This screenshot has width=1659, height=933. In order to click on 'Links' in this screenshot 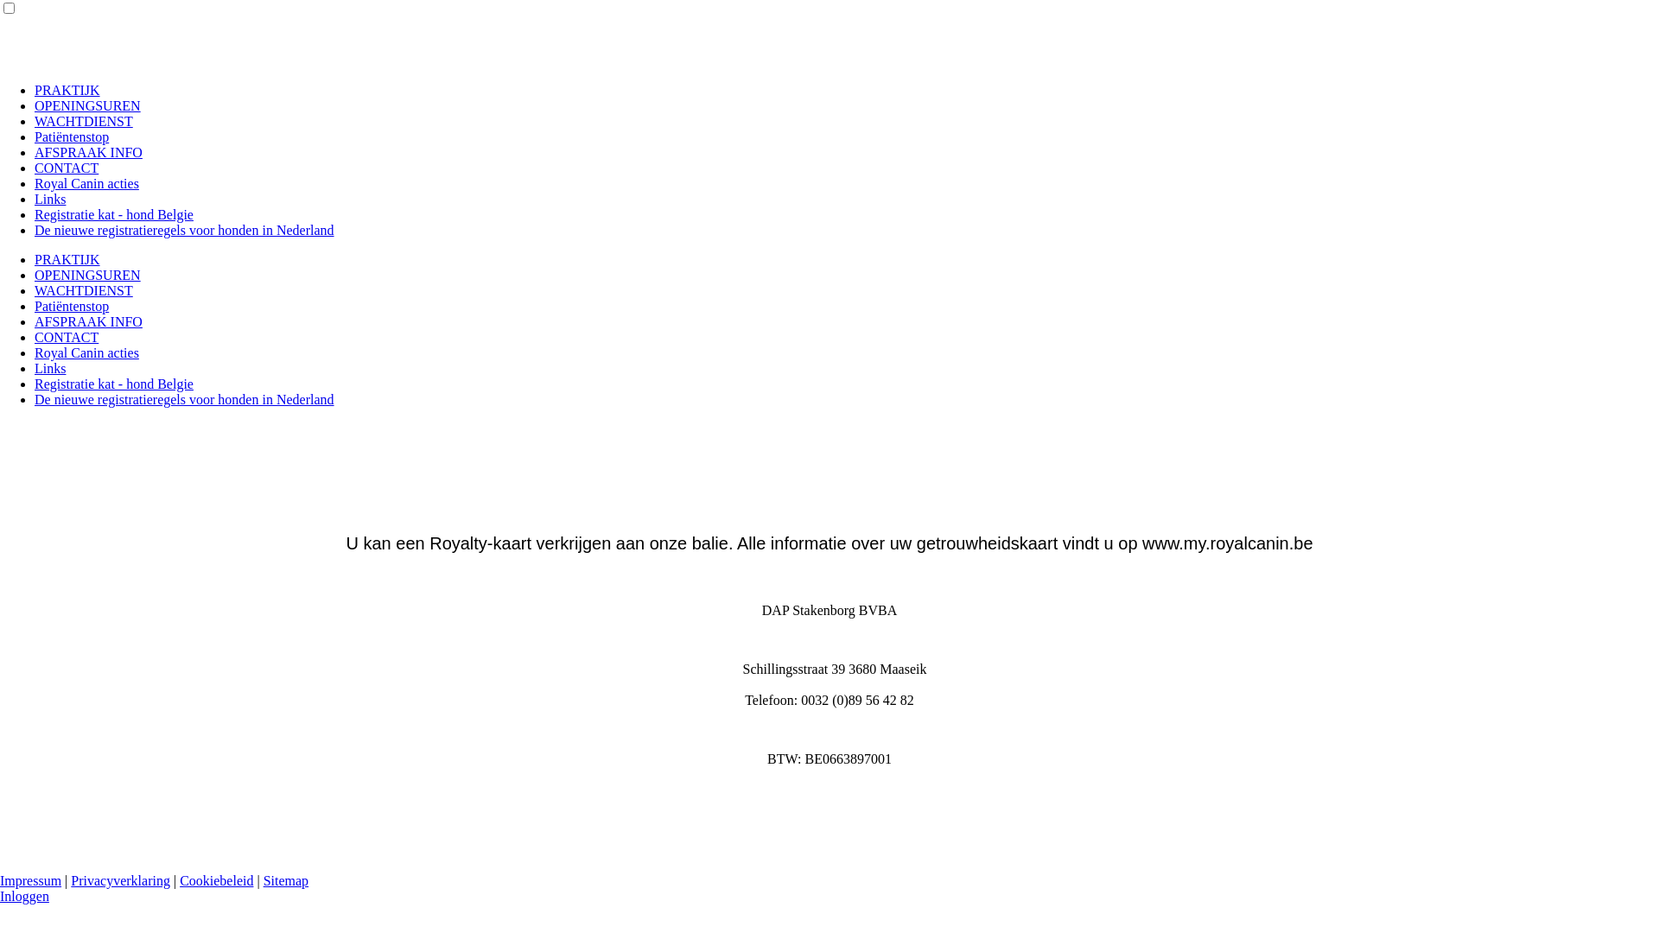, I will do `click(34, 367)`.